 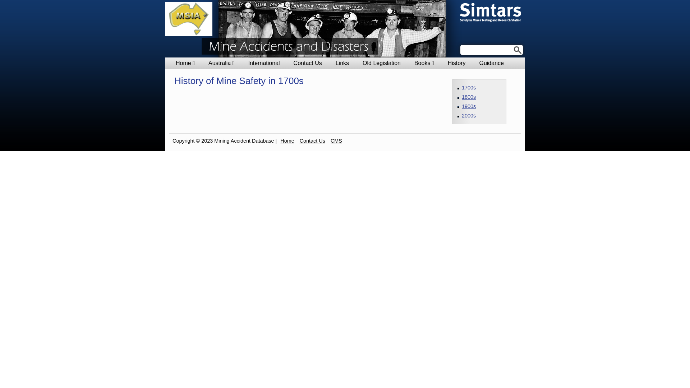 What do you see at coordinates (469, 106) in the screenshot?
I see `'1900s'` at bounding box center [469, 106].